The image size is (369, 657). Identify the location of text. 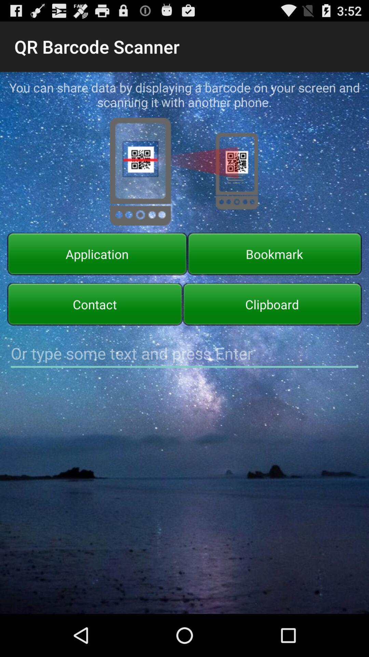
(184, 353).